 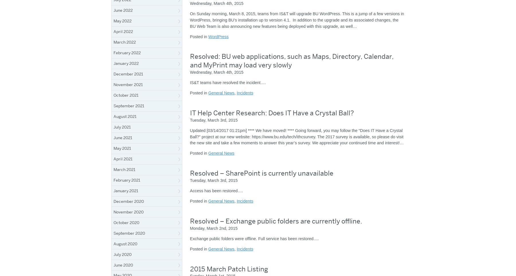 What do you see at coordinates (123, 158) in the screenshot?
I see `'April 2021'` at bounding box center [123, 158].